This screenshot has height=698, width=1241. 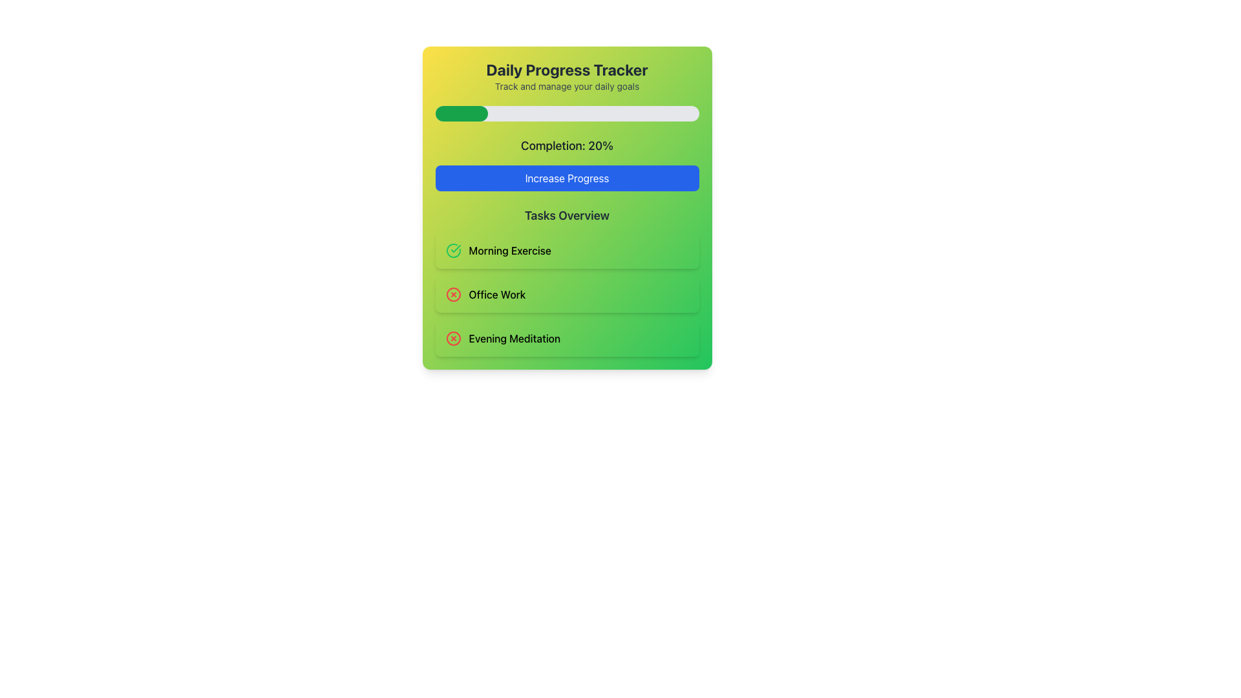 I want to click on the Text block that serves as a title and subtitle for tracking daily goals, positioned centrally at the top of the gradient card layout, so click(x=567, y=76).